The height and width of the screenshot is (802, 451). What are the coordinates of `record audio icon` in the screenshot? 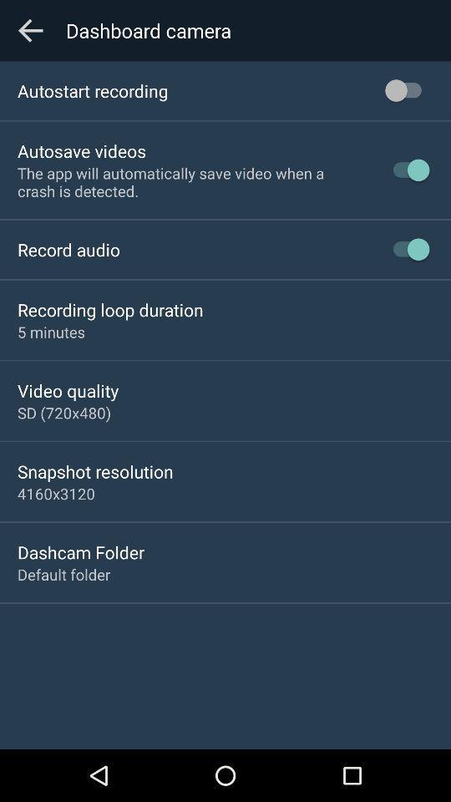 It's located at (68, 248).